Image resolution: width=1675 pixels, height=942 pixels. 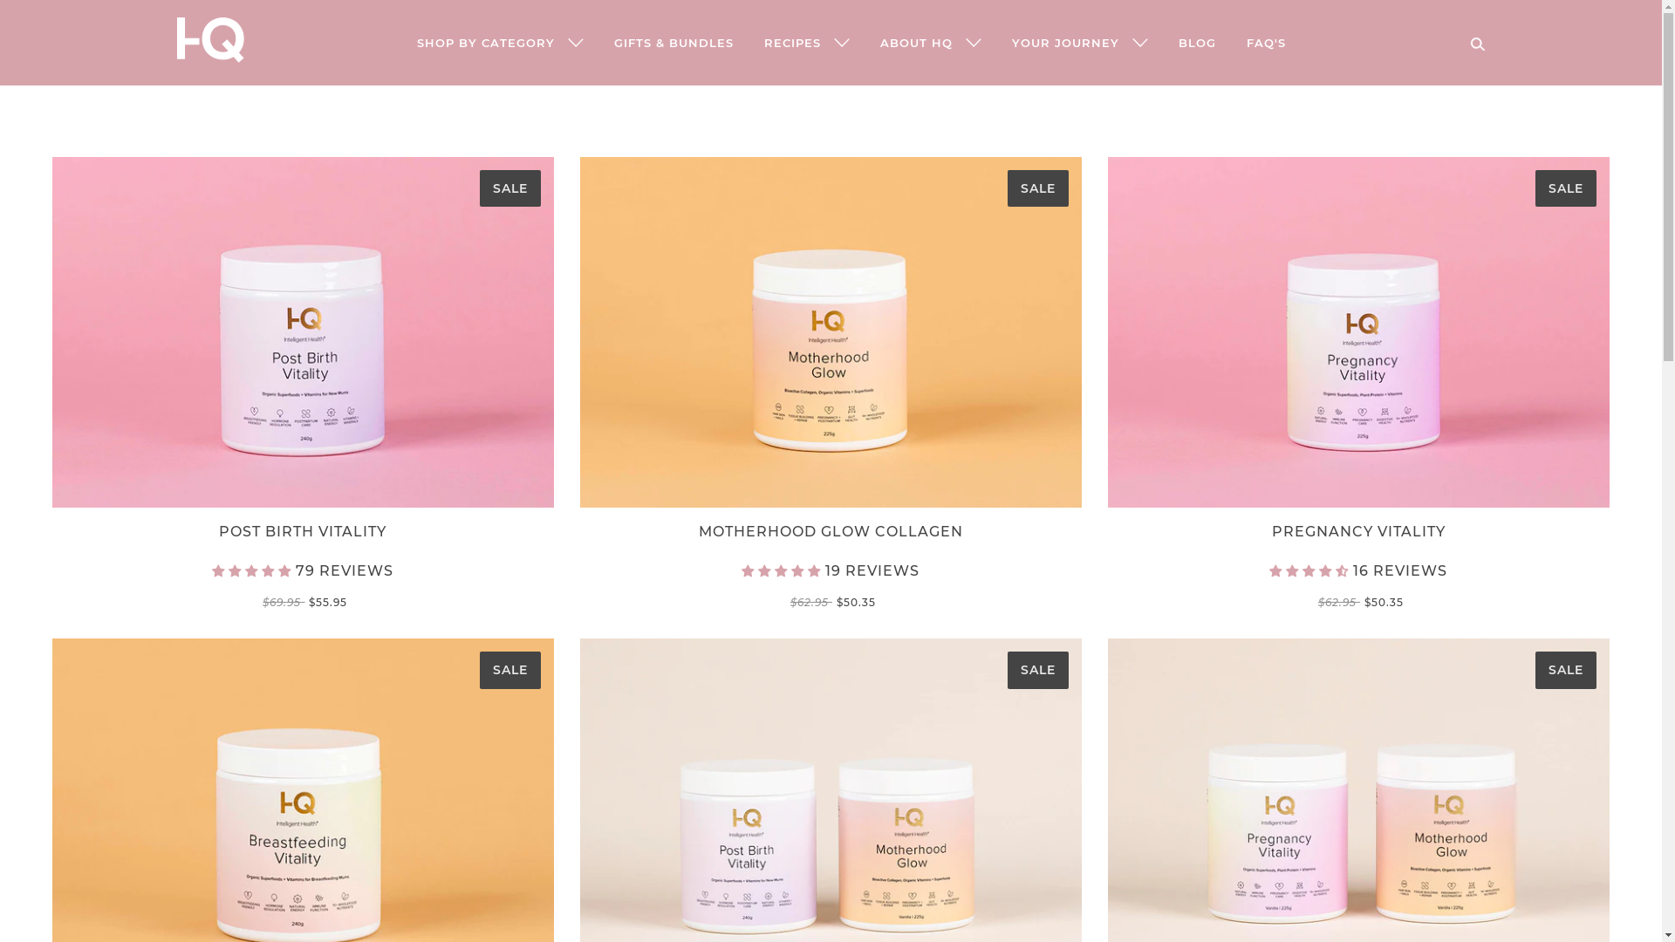 I want to click on 'RECIPES', so click(x=804, y=42).